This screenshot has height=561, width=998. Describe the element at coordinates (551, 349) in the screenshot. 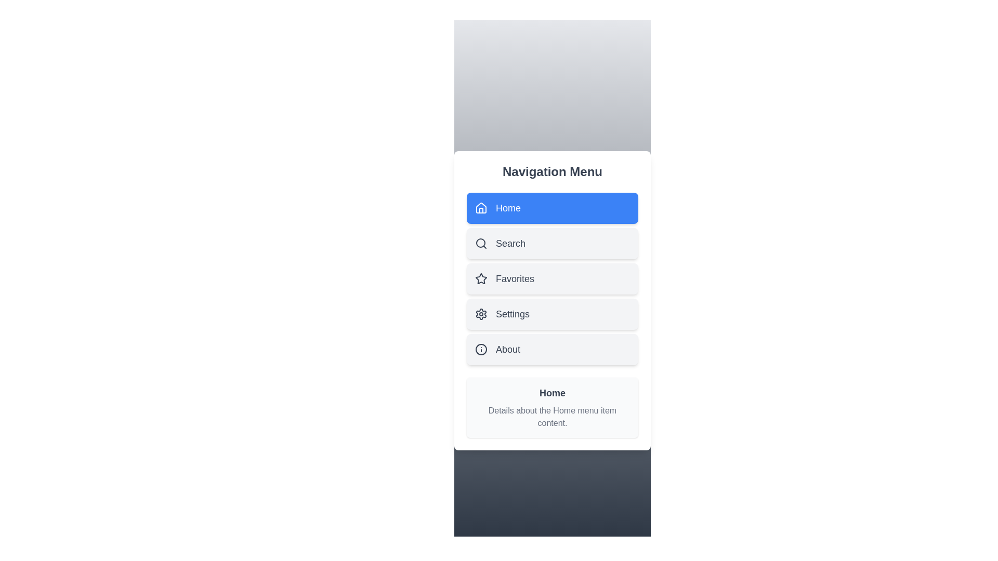

I see `the menu item About` at that location.